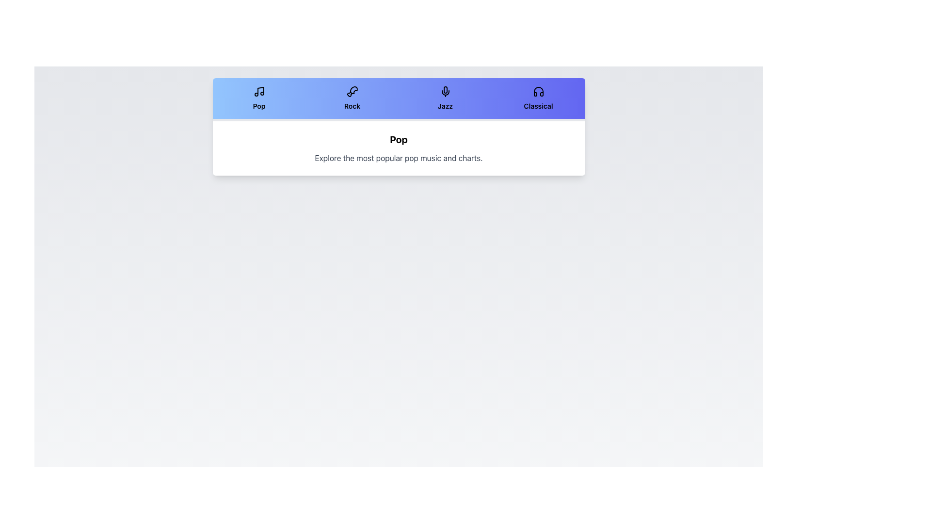 The image size is (931, 524). Describe the element at coordinates (445, 90) in the screenshot. I see `the microphone icon representing the 'Jazz' option in the navigation bar, which is located between 'Rock' and 'Classical'` at that location.